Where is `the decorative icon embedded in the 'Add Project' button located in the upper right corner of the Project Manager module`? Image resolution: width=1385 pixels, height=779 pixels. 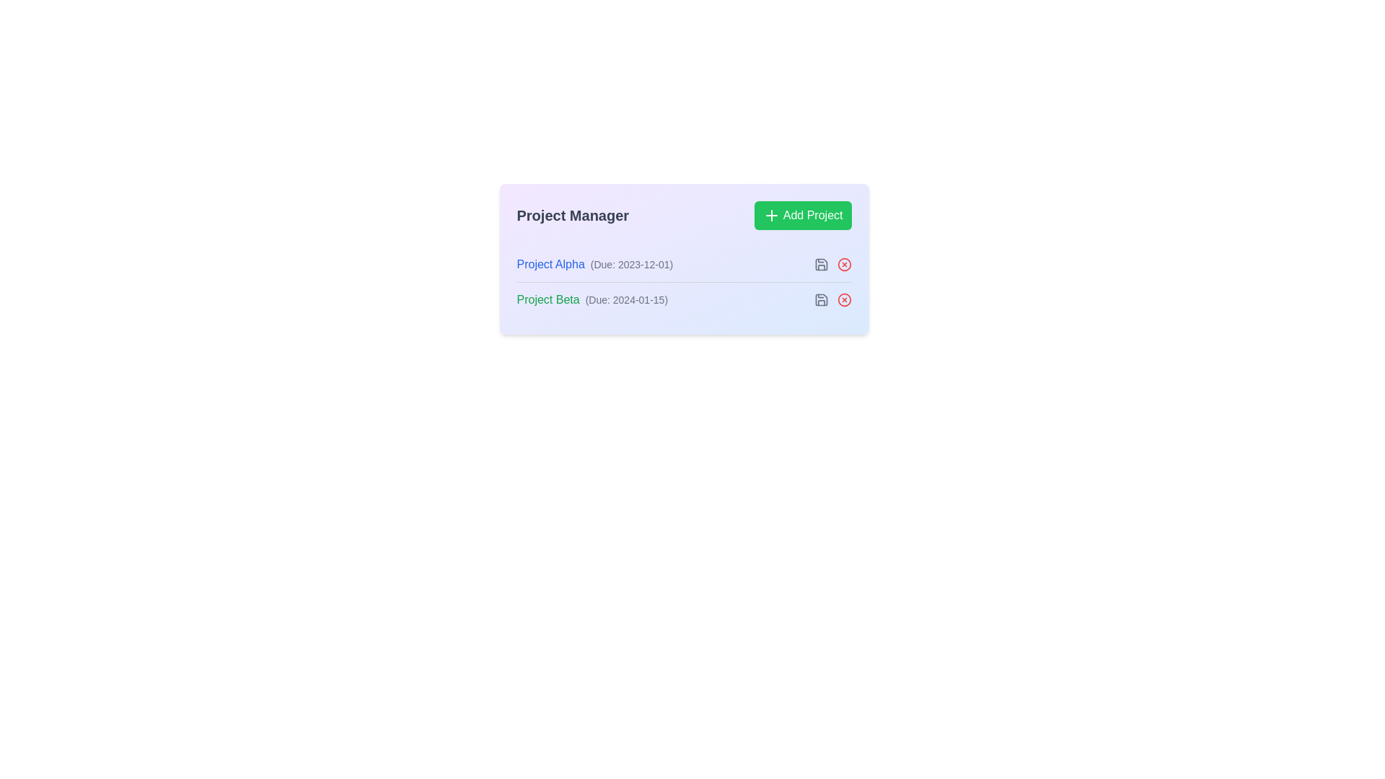 the decorative icon embedded in the 'Add Project' button located in the upper right corner of the Project Manager module is located at coordinates (770, 216).